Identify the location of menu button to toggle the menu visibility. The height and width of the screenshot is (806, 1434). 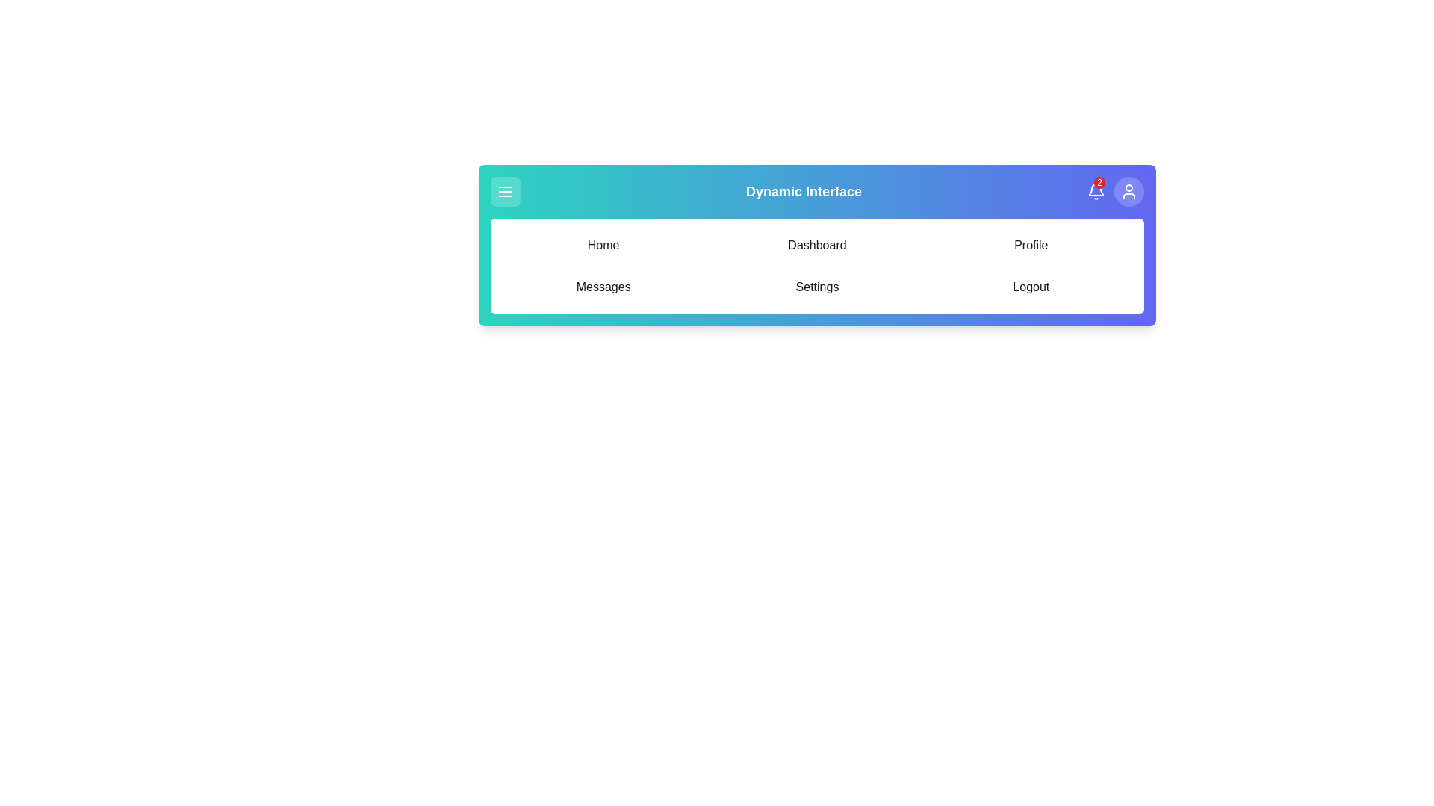
(505, 191).